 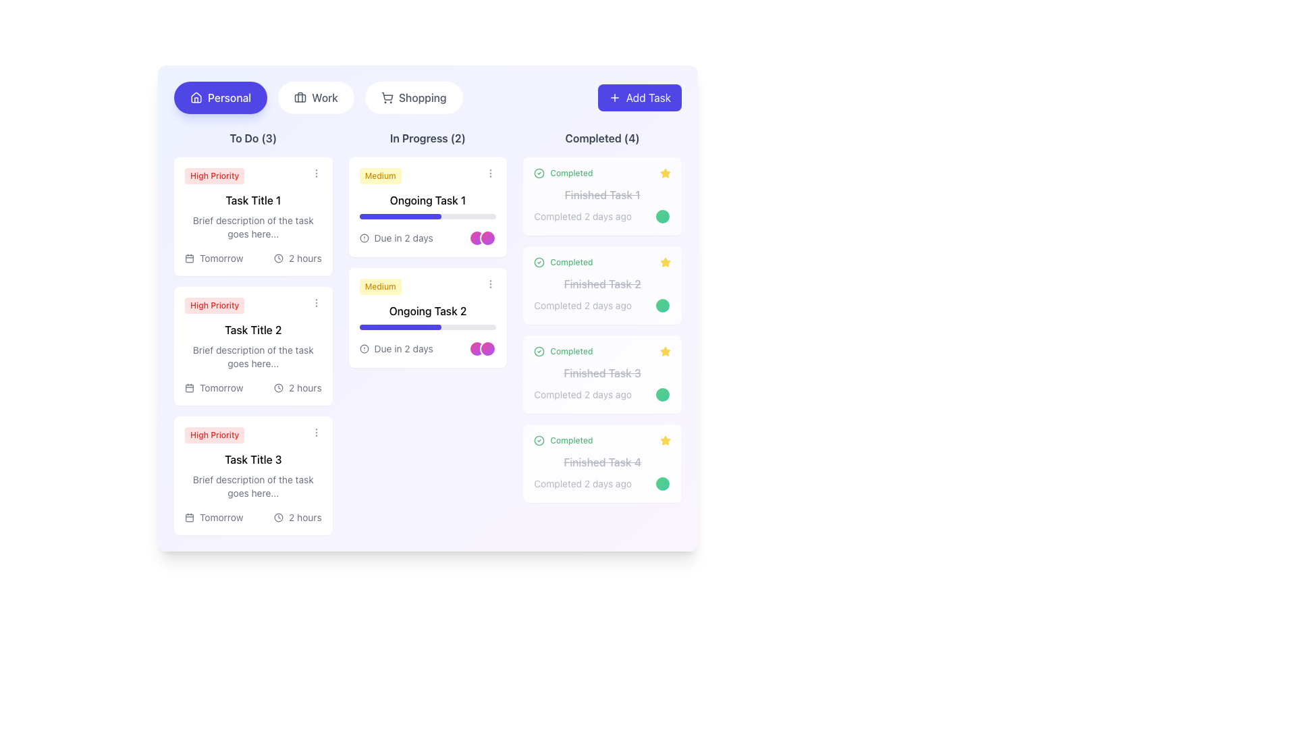 I want to click on the visual indicator or icon group located in the 'In Progress' section under the task labeled 'Ongoing Task 2', positioned towards the bottom right of the task card near the text 'Due in 2 days', so click(x=483, y=348).